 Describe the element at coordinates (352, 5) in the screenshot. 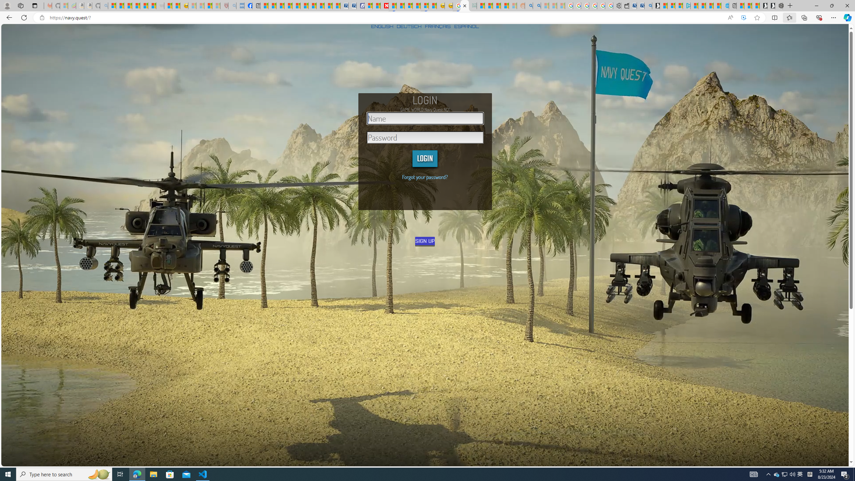

I see `'Cheap Hotels - Save70.com'` at that location.